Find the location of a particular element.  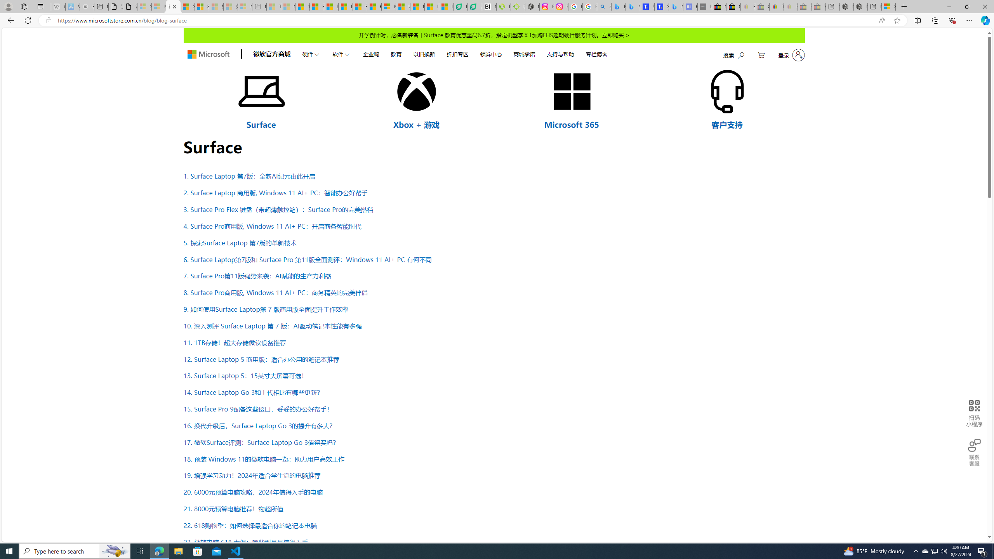

'Wikipedia - Sleeping' is located at coordinates (57, 6).